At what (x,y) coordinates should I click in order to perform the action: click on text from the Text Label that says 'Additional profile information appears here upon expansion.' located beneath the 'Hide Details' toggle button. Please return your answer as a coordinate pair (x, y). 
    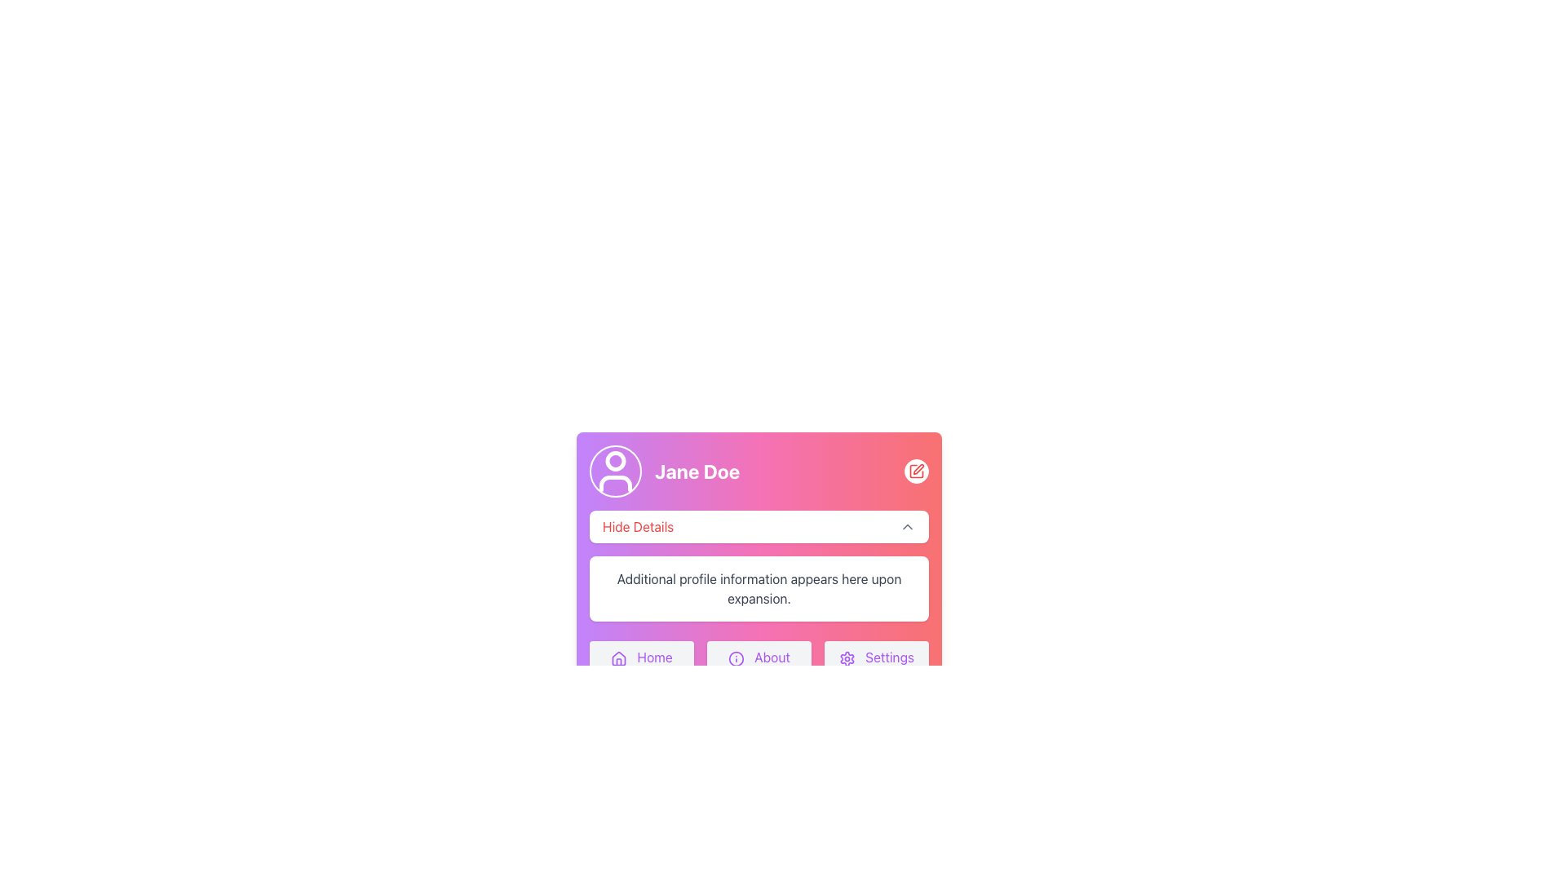
    Looking at the image, I should click on (759, 588).